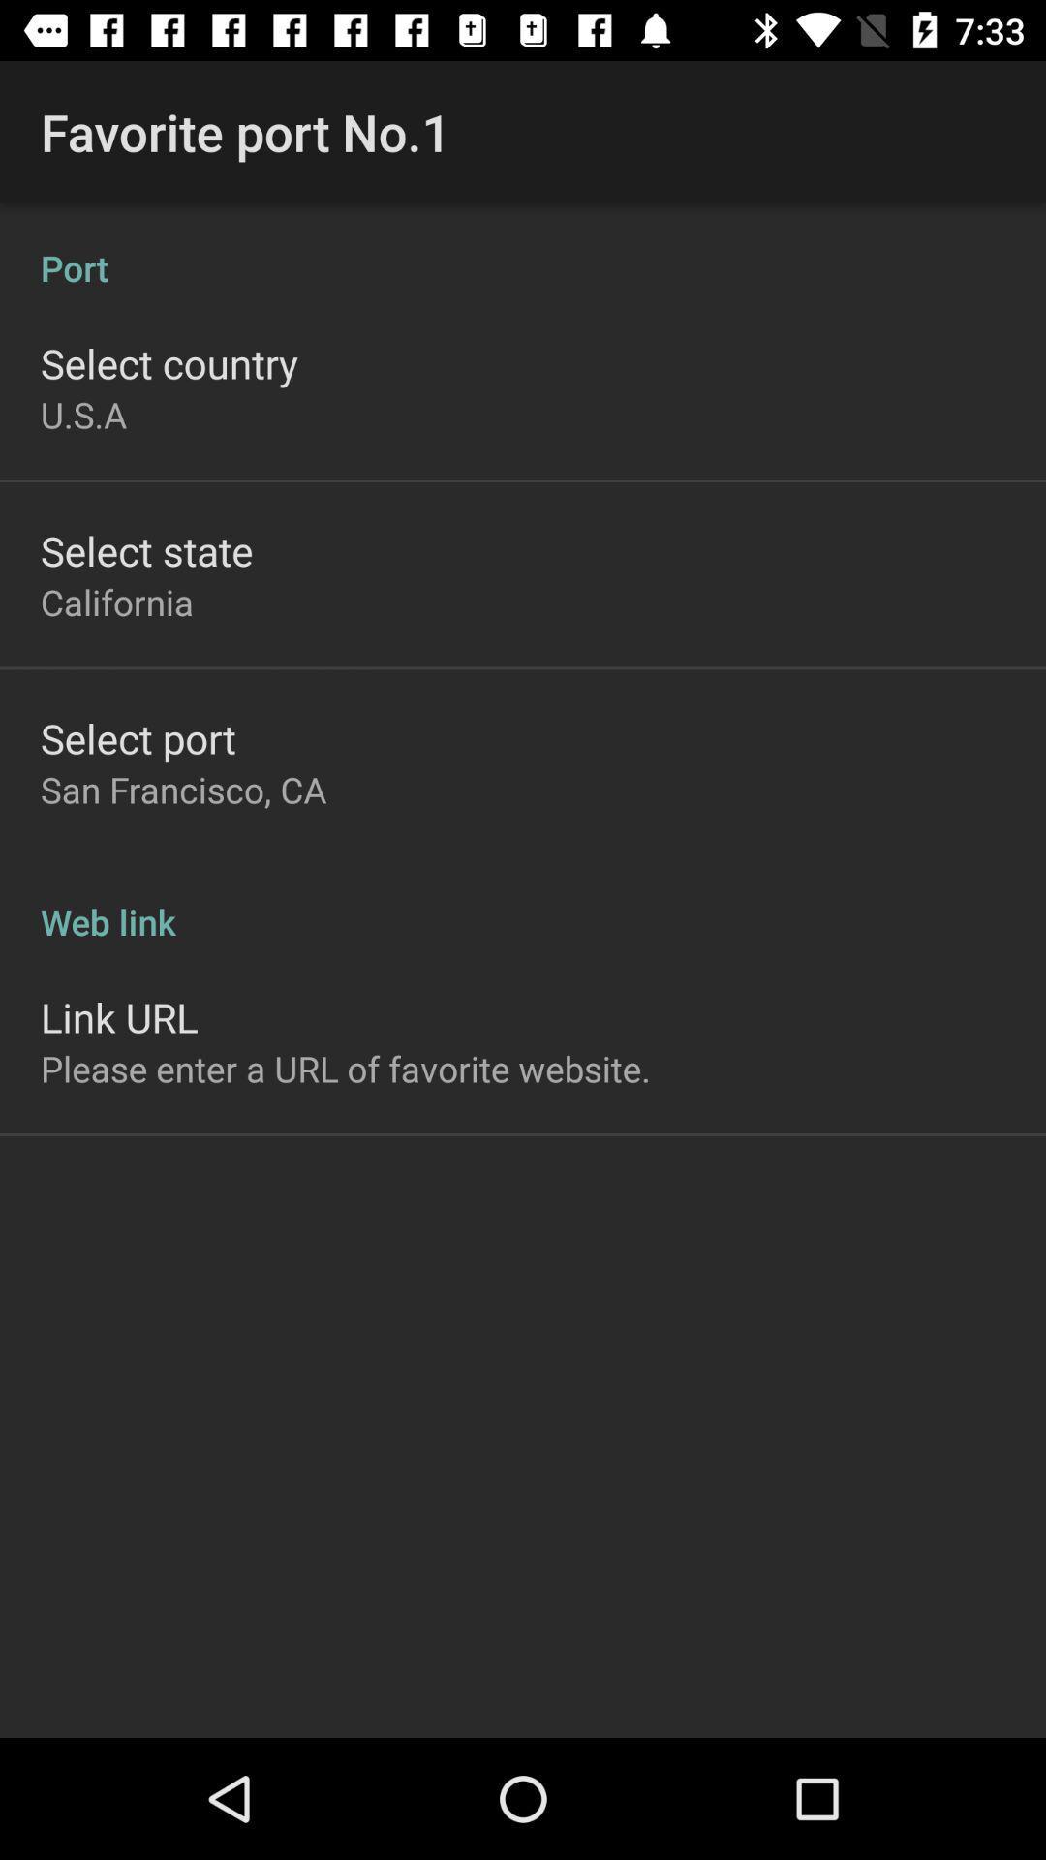 This screenshot has height=1860, width=1046. Describe the element at coordinates (169, 362) in the screenshot. I see `app above u.s.a item` at that location.